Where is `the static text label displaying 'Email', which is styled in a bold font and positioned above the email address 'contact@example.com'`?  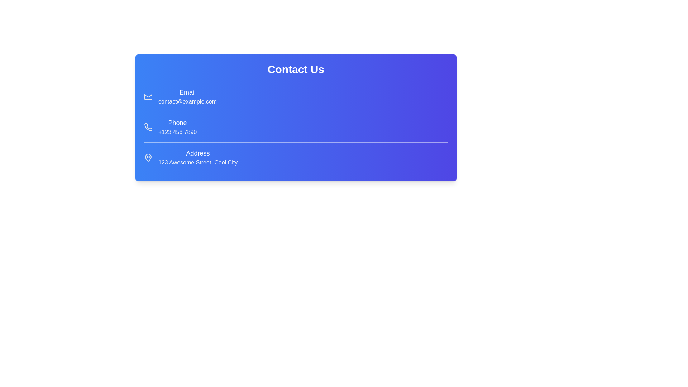 the static text label displaying 'Email', which is styled in a bold font and positioned above the email address 'contact@example.com' is located at coordinates (187, 92).